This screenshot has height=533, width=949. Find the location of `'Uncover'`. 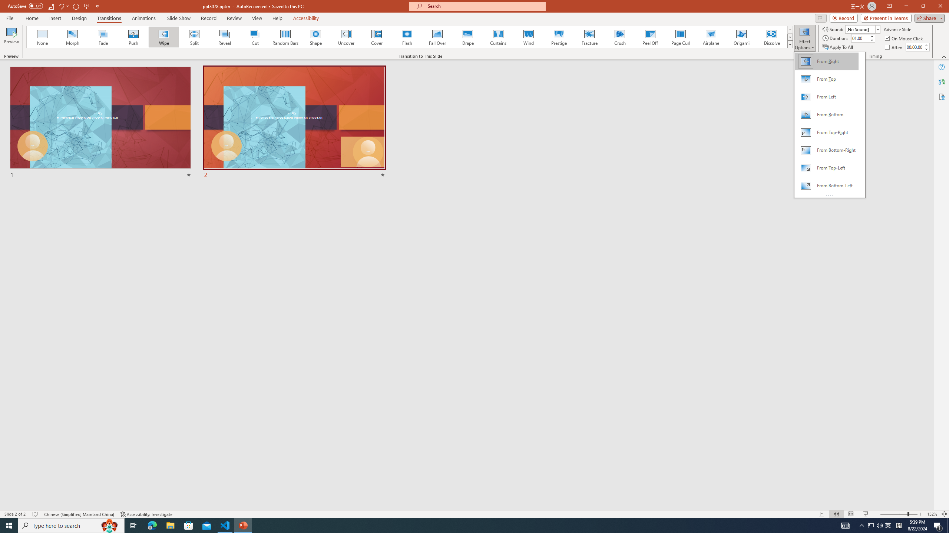

'Uncover' is located at coordinates (346, 37).